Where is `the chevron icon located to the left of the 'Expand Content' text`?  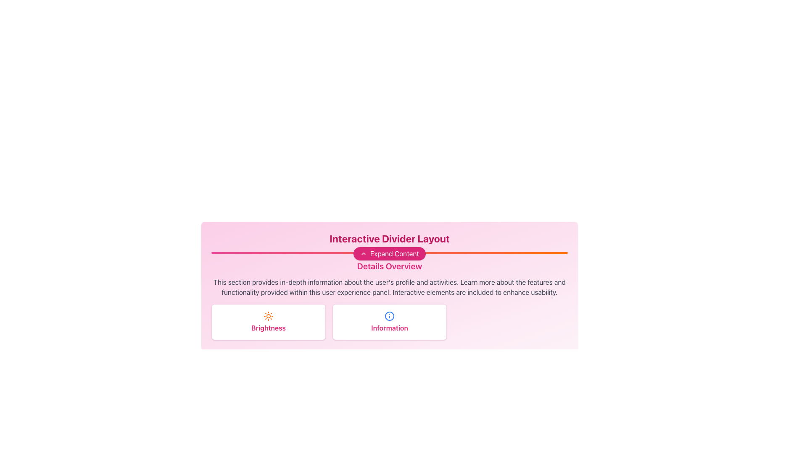
the chevron icon located to the left of the 'Expand Content' text is located at coordinates (363, 253).